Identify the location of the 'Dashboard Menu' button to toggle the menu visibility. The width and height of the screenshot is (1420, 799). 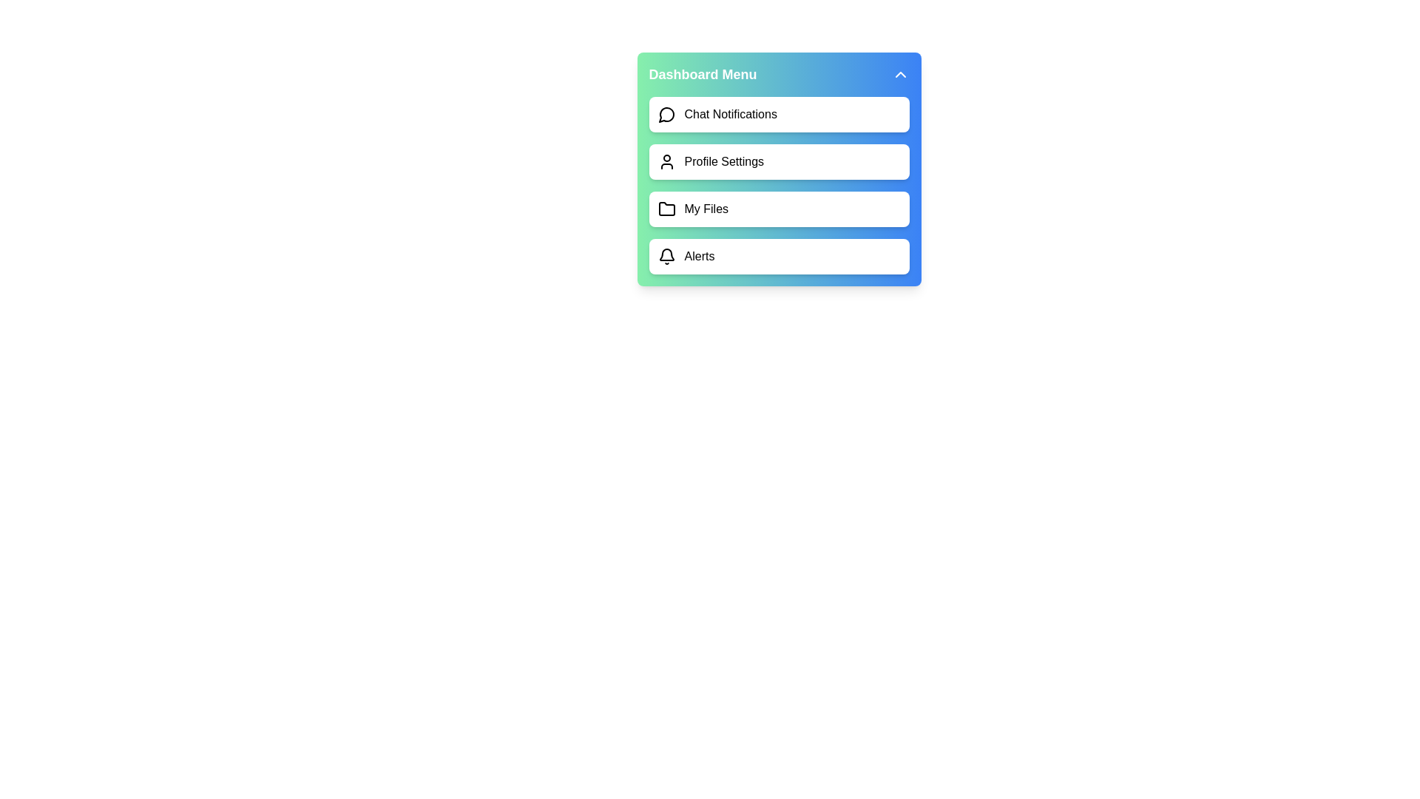
(778, 74).